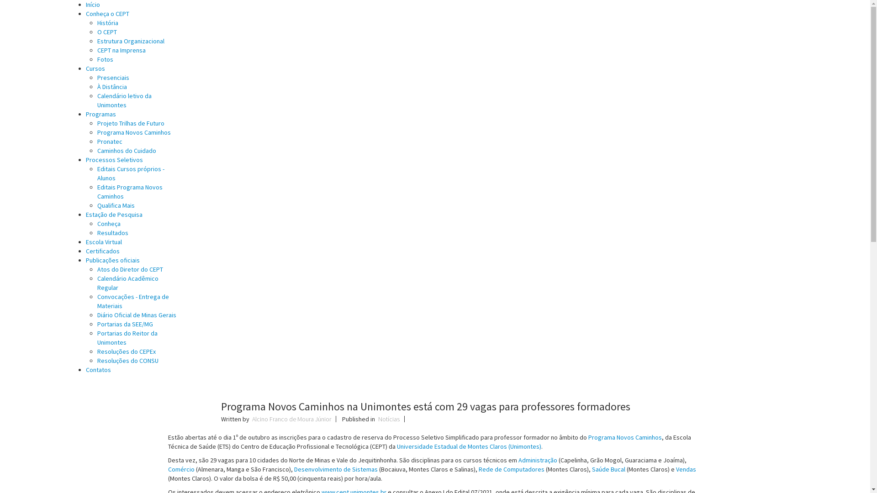 This screenshot has height=493, width=877. I want to click on 'Programas', so click(100, 114).